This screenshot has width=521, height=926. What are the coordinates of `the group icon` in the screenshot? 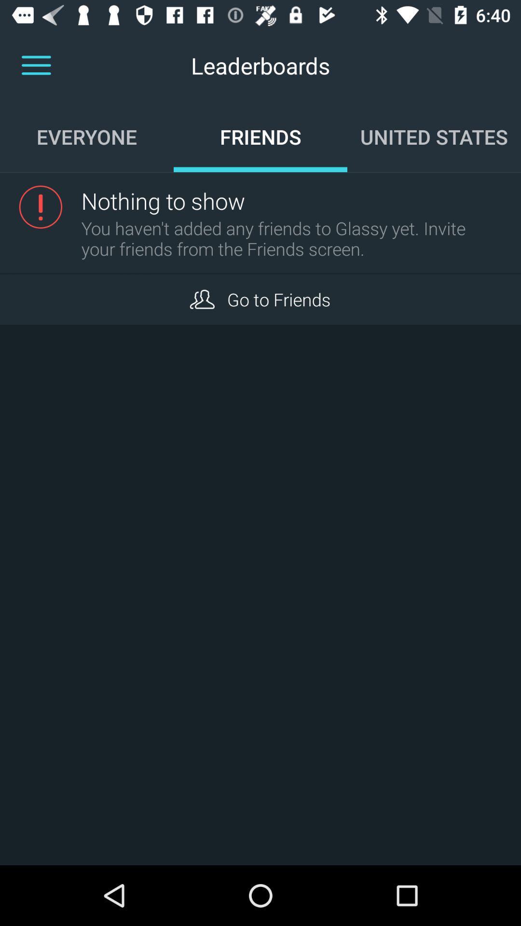 It's located at (202, 299).